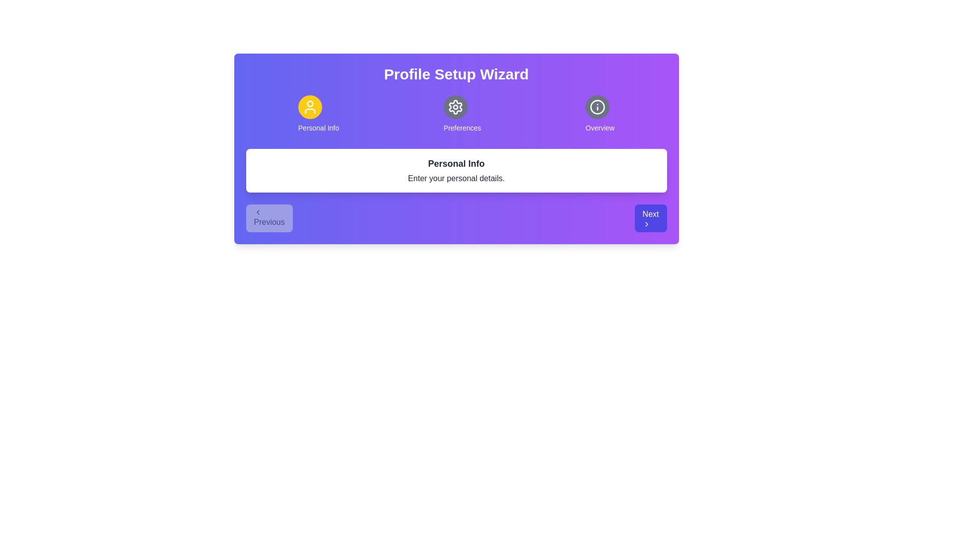 The width and height of the screenshot is (953, 536). I want to click on the Previous button to navigate through the wizard, so click(269, 217).